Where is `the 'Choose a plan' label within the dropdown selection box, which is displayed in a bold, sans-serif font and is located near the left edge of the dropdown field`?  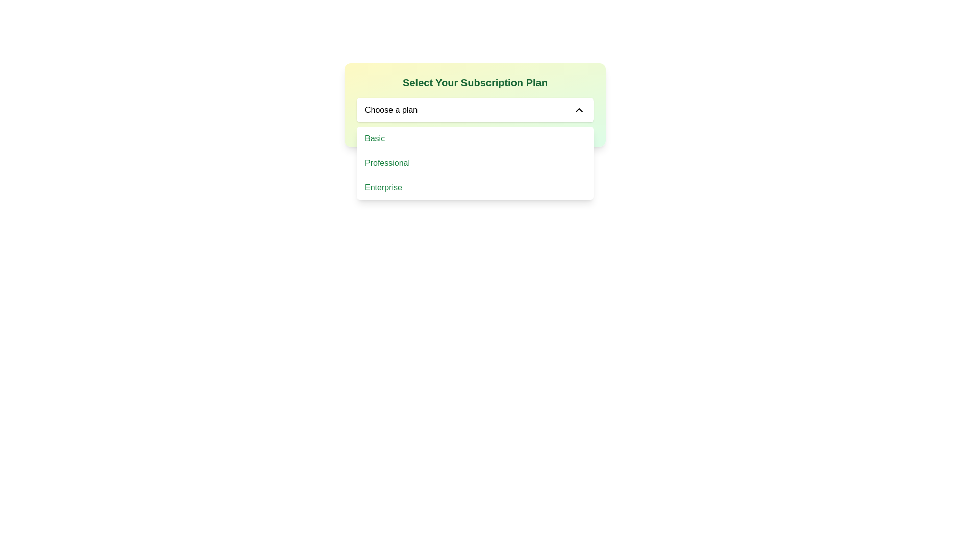 the 'Choose a plan' label within the dropdown selection box, which is displayed in a bold, sans-serif font and is located near the left edge of the dropdown field is located at coordinates (390, 110).